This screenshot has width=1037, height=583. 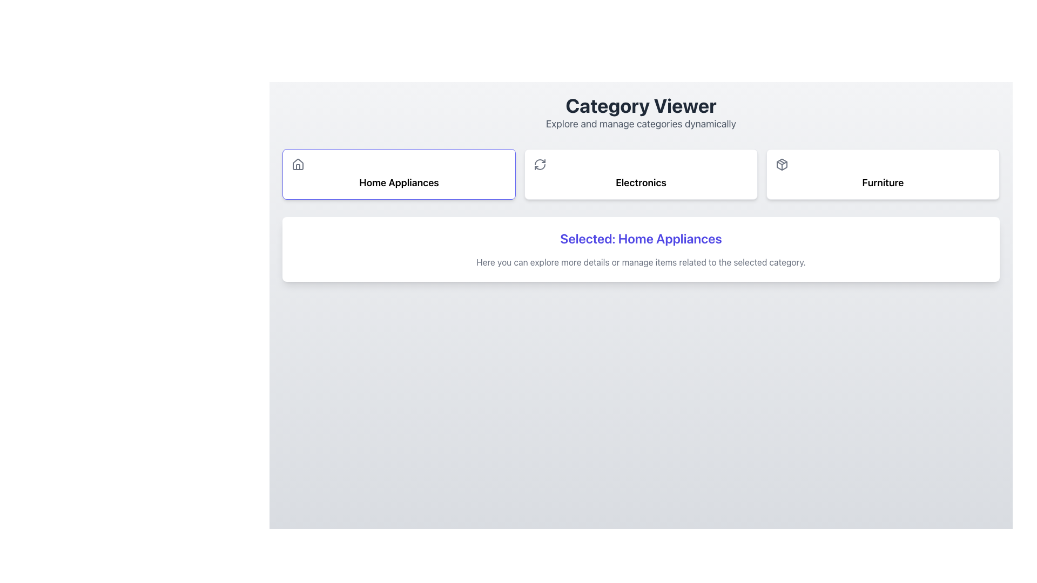 I want to click on the house icon located to the left of the 'Home Appliances' label in the category selection menu, so click(x=298, y=164).